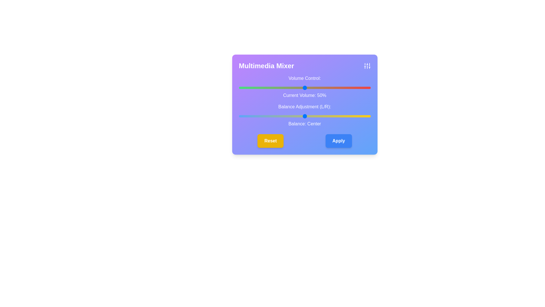  What do you see at coordinates (247, 116) in the screenshot?
I see `the balance slider to set the audio balance to -44` at bounding box center [247, 116].